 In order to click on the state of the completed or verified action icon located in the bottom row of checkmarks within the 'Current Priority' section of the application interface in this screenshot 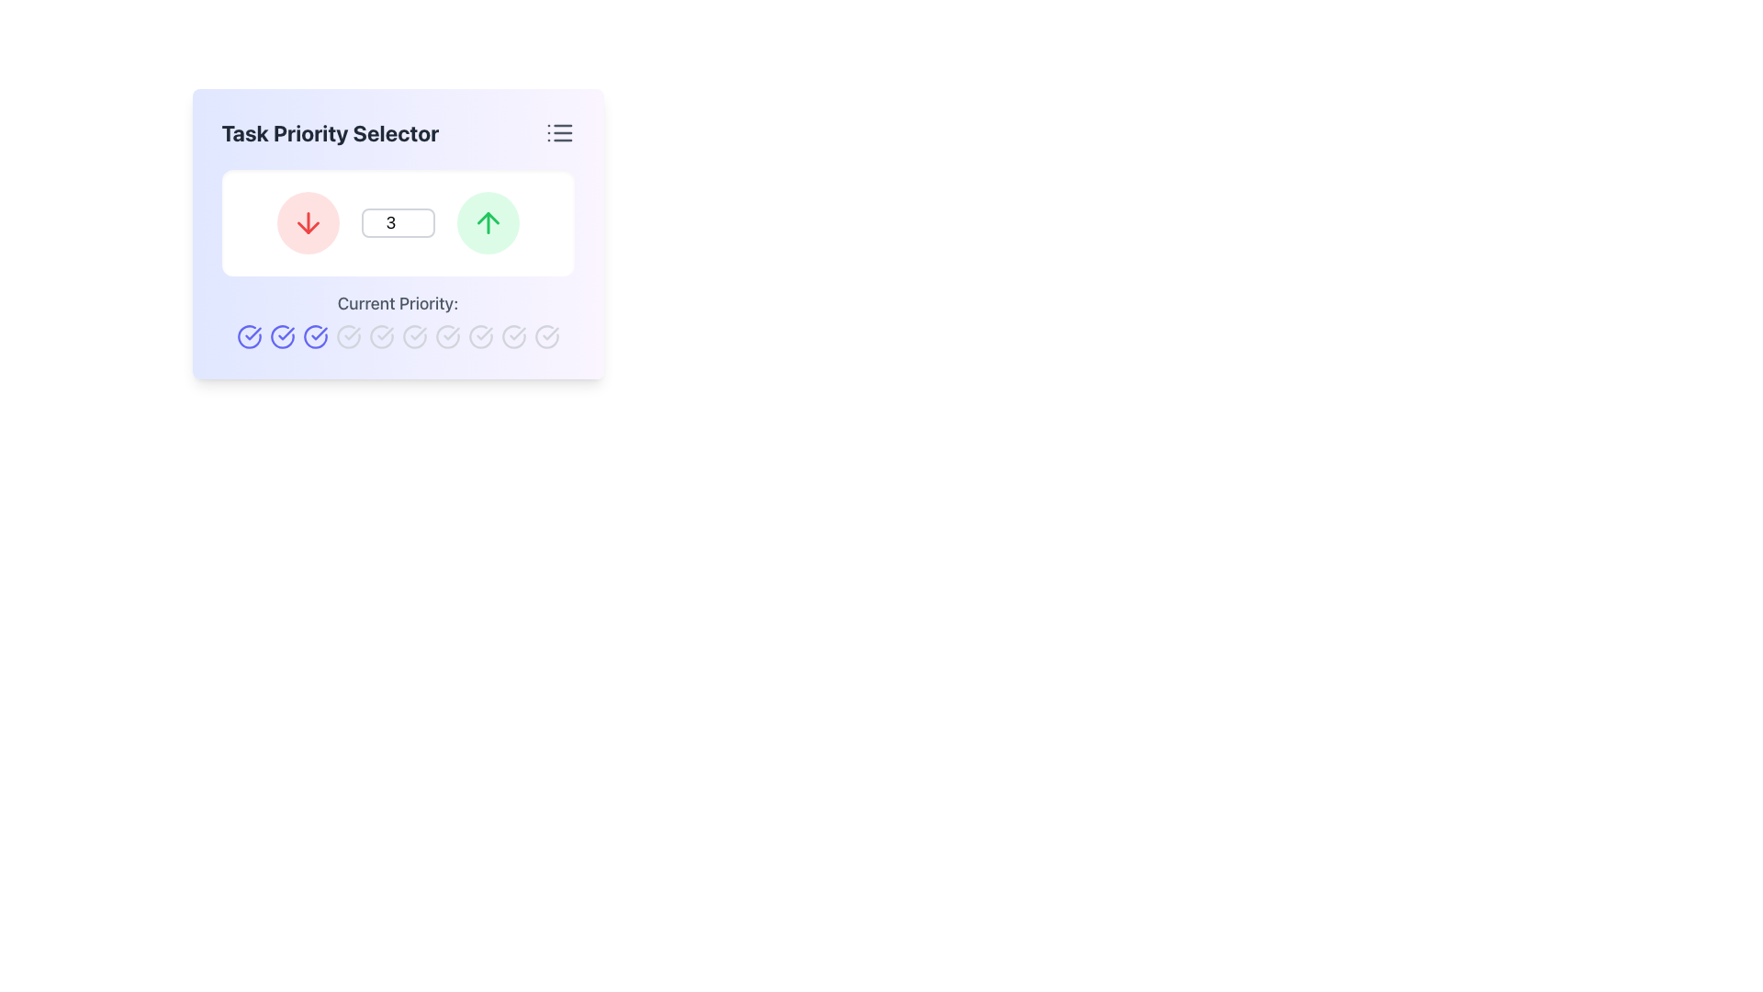, I will do `click(319, 333)`.